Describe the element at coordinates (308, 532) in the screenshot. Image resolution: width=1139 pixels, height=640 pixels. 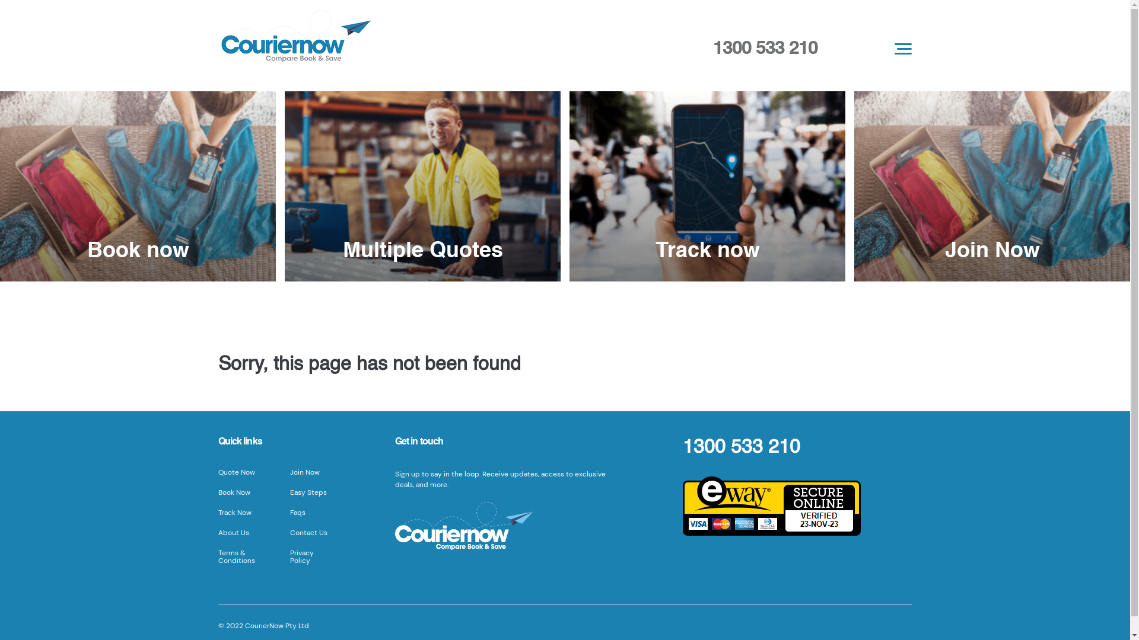
I see `'Contact Us'` at that location.